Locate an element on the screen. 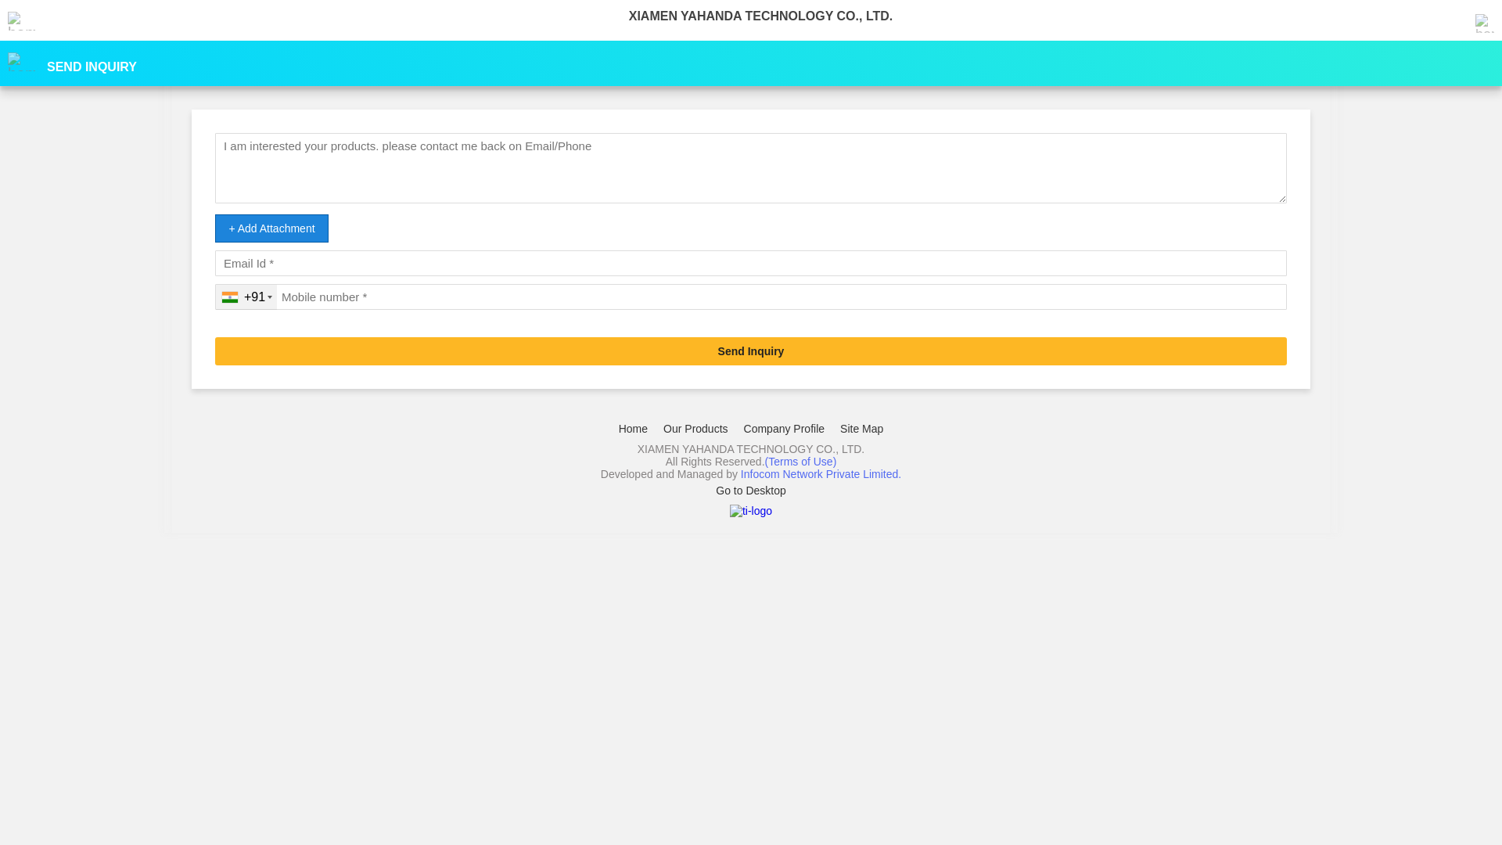 The image size is (1502, 845). 'Our Products' is located at coordinates (694, 428).